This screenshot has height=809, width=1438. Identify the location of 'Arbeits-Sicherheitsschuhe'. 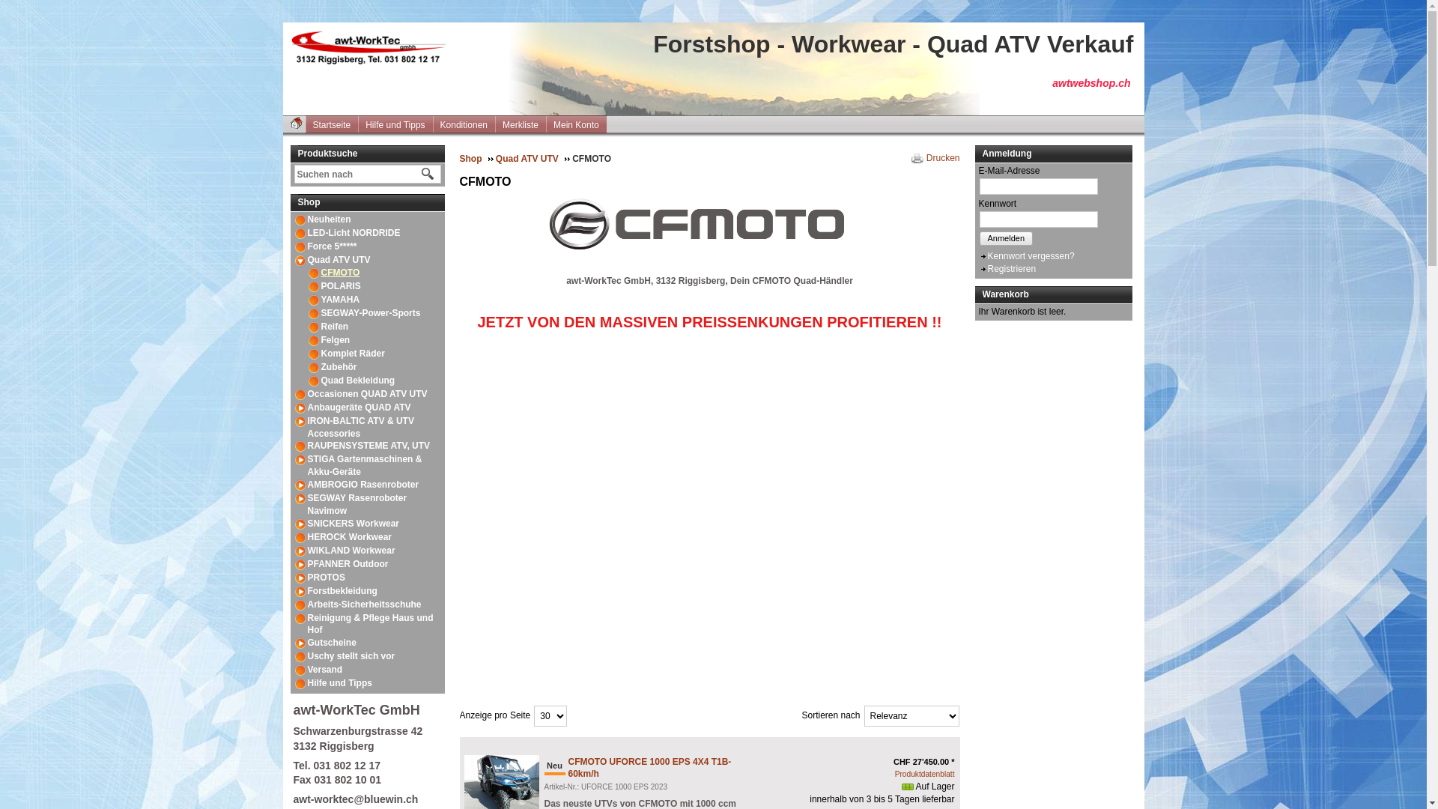
(364, 603).